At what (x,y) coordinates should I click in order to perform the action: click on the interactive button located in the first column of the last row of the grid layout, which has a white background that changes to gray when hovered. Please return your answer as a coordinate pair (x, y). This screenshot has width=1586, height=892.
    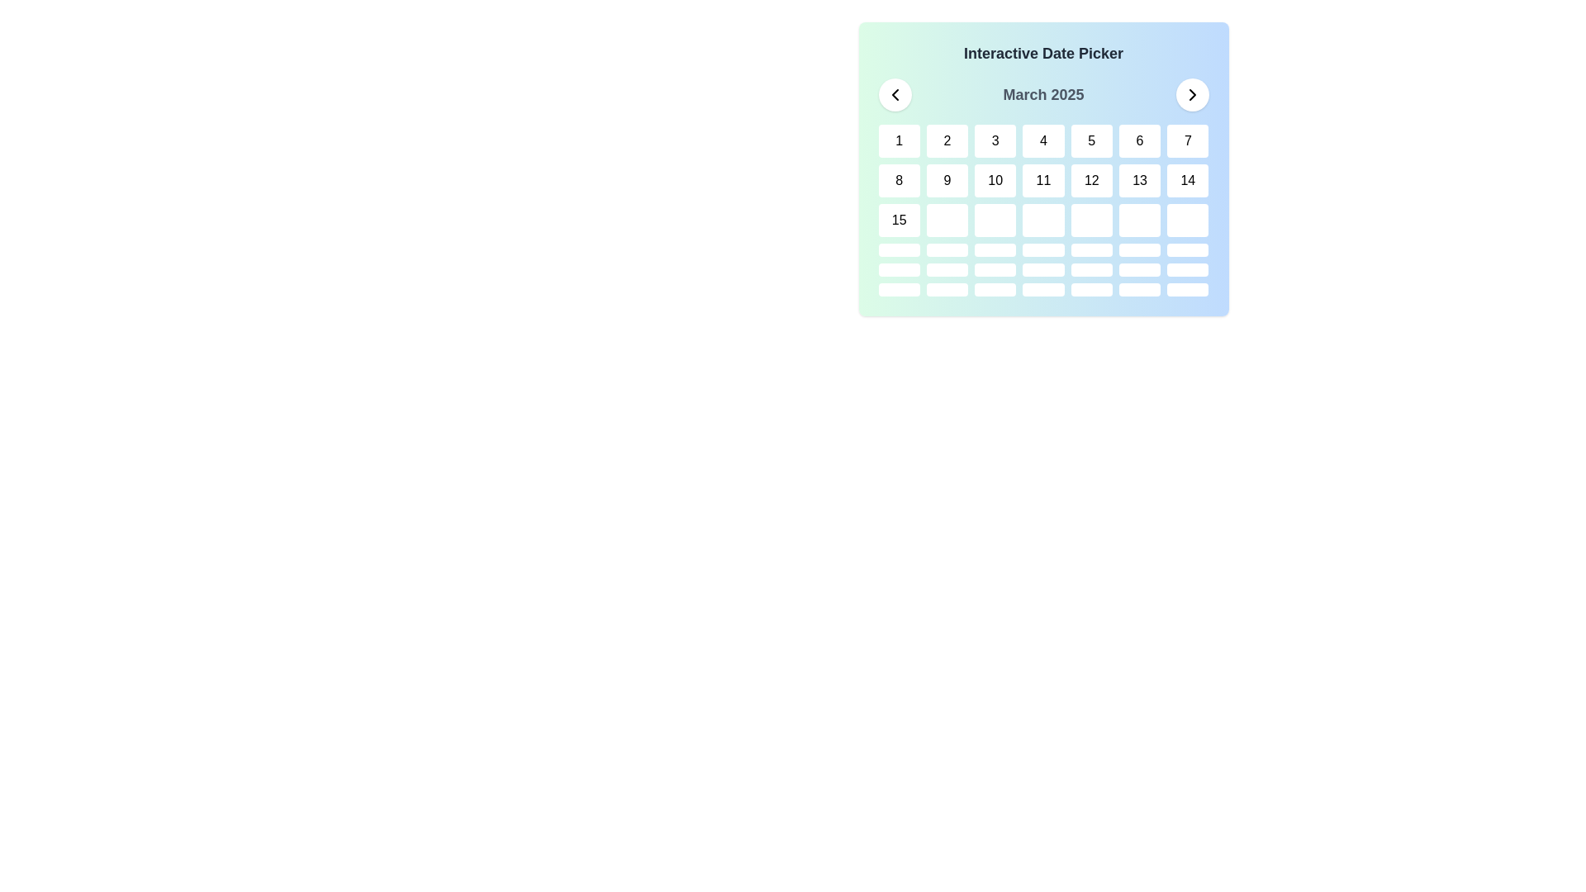
    Looking at the image, I should click on (898, 289).